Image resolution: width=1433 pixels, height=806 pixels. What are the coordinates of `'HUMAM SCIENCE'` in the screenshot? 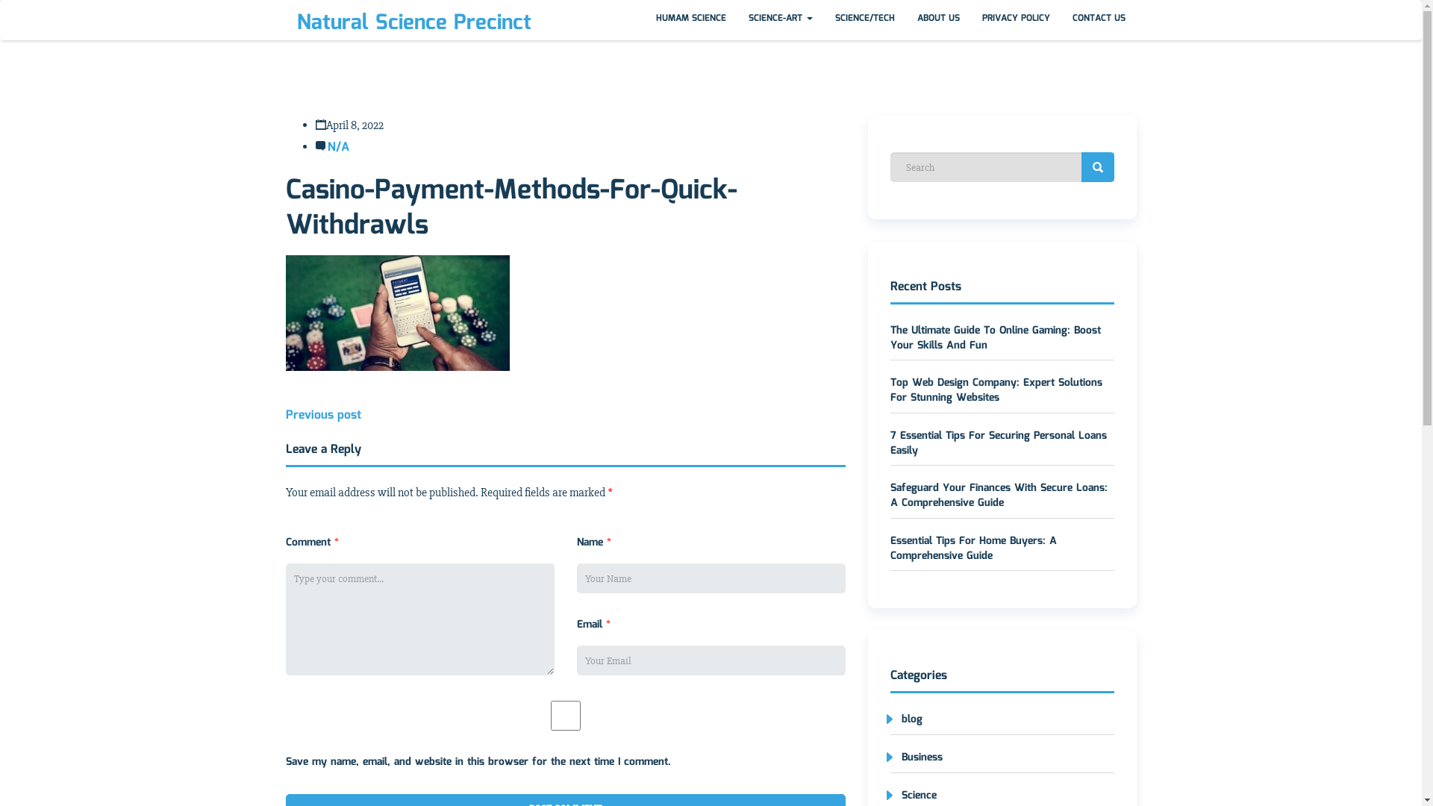 It's located at (645, 20).